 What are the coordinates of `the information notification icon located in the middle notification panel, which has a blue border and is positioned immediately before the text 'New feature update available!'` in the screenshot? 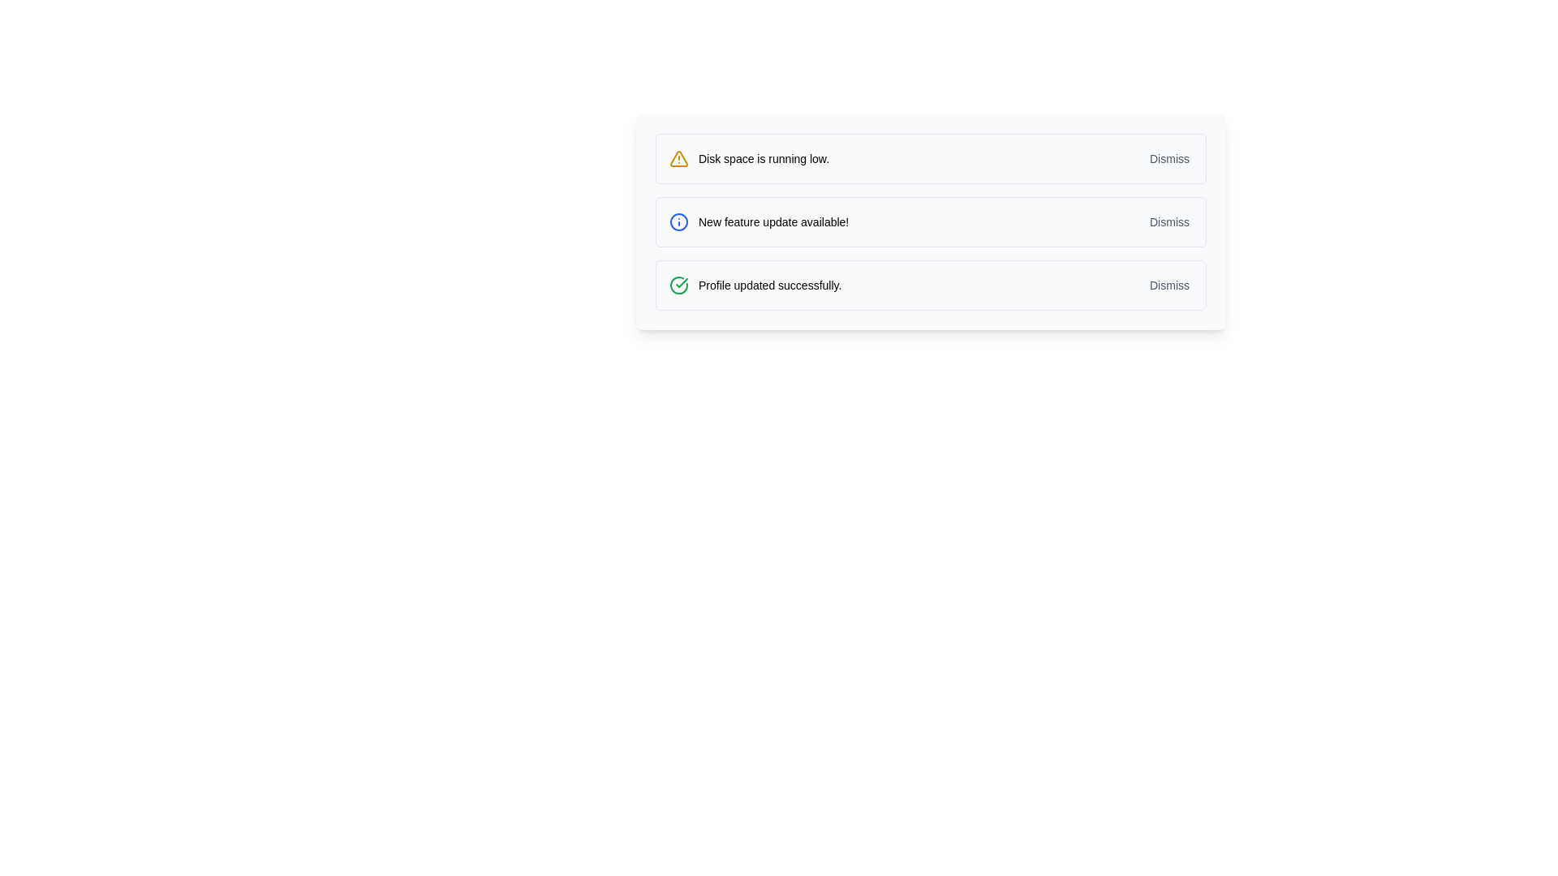 It's located at (678, 221).